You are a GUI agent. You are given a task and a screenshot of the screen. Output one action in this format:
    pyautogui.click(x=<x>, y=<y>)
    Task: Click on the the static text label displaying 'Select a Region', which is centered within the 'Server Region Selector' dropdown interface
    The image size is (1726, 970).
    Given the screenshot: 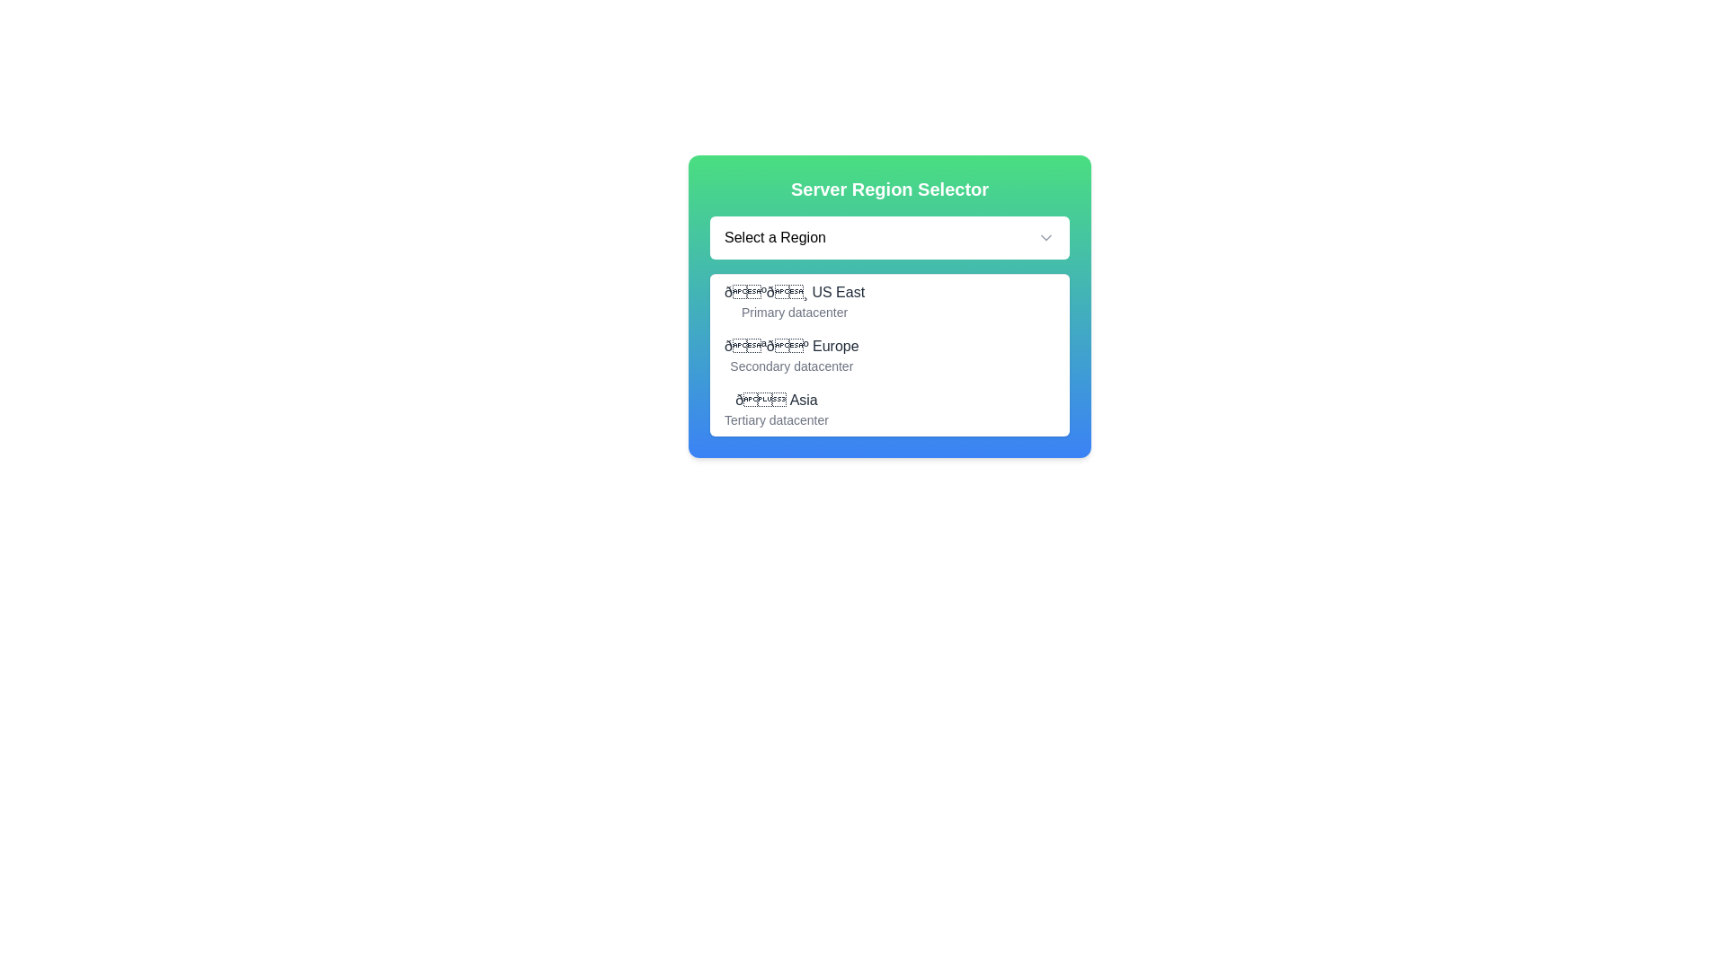 What is the action you would take?
    pyautogui.click(x=775, y=237)
    